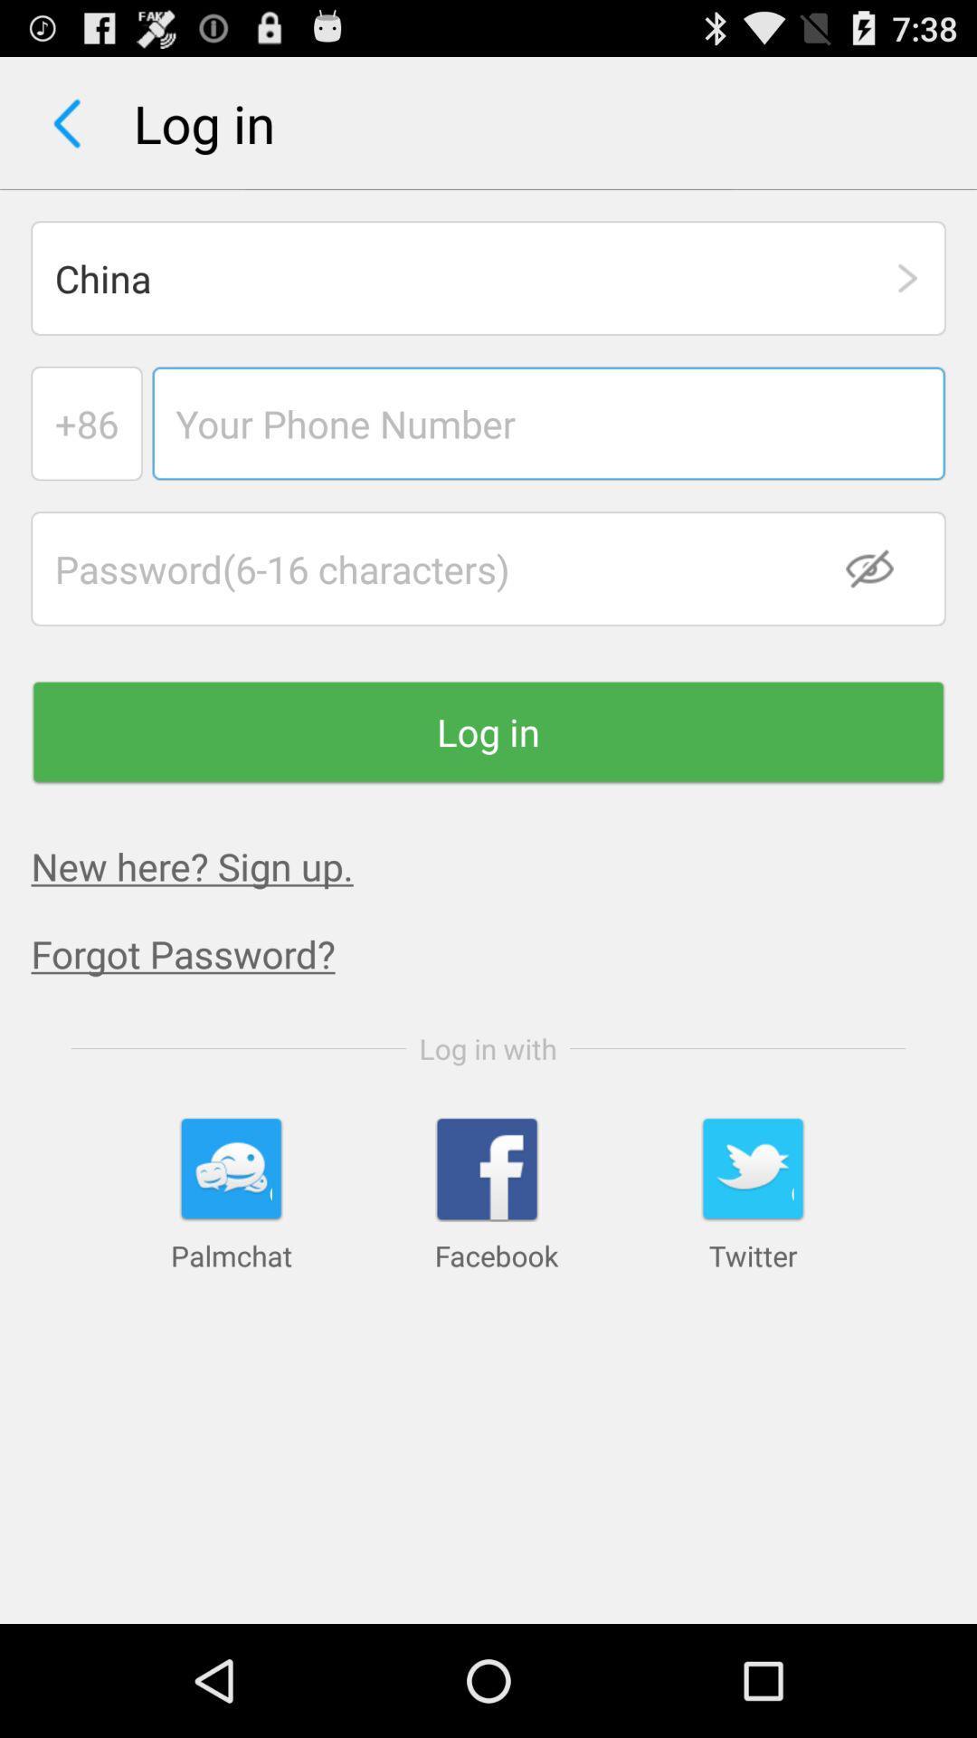  I want to click on app above forgot password?, so click(192, 864).